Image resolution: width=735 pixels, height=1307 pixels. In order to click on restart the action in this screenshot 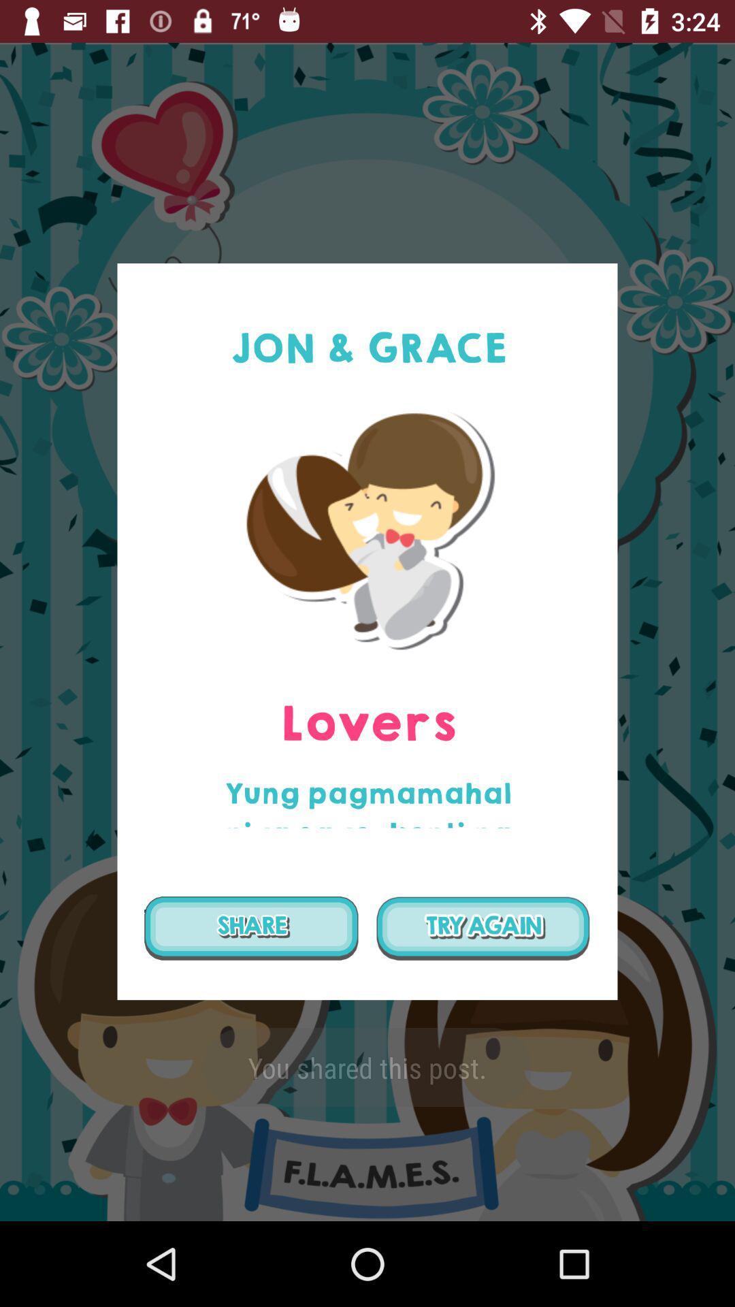, I will do `click(483, 927)`.